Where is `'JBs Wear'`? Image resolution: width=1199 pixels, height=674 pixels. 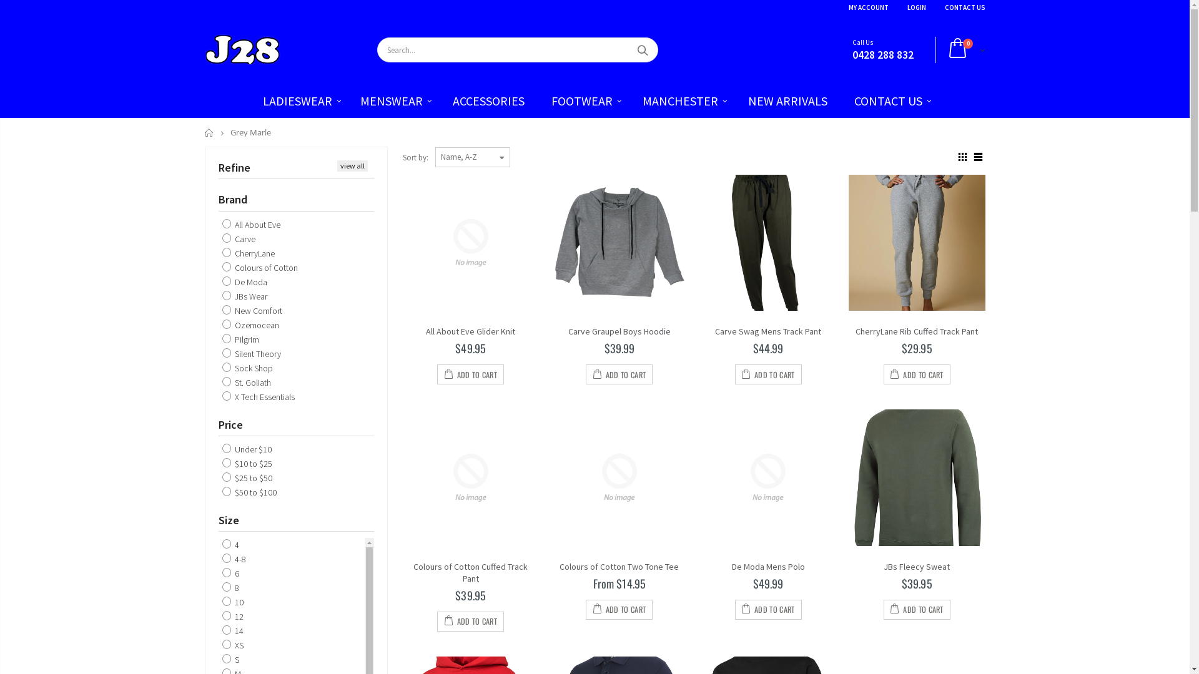 'JBs Wear' is located at coordinates (245, 296).